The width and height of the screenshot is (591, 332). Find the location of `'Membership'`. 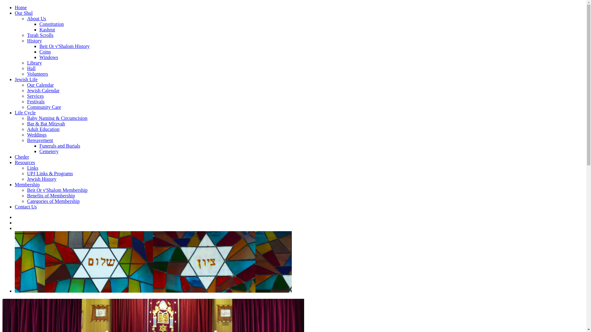

'Membership' is located at coordinates (27, 184).